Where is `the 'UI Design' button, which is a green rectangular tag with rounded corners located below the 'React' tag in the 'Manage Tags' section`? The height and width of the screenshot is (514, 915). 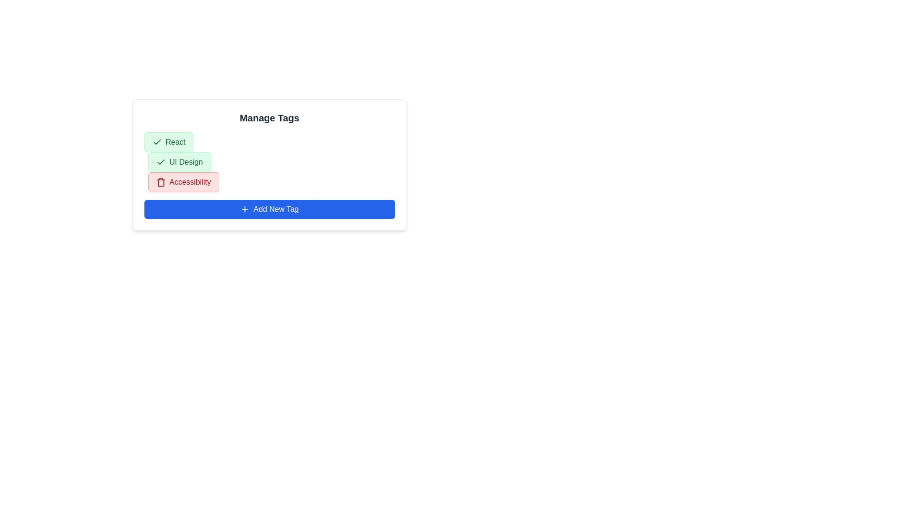 the 'UI Design' button, which is a green rectangular tag with rounded corners located below the 'React' tag in the 'Manage Tags' section is located at coordinates (179, 161).